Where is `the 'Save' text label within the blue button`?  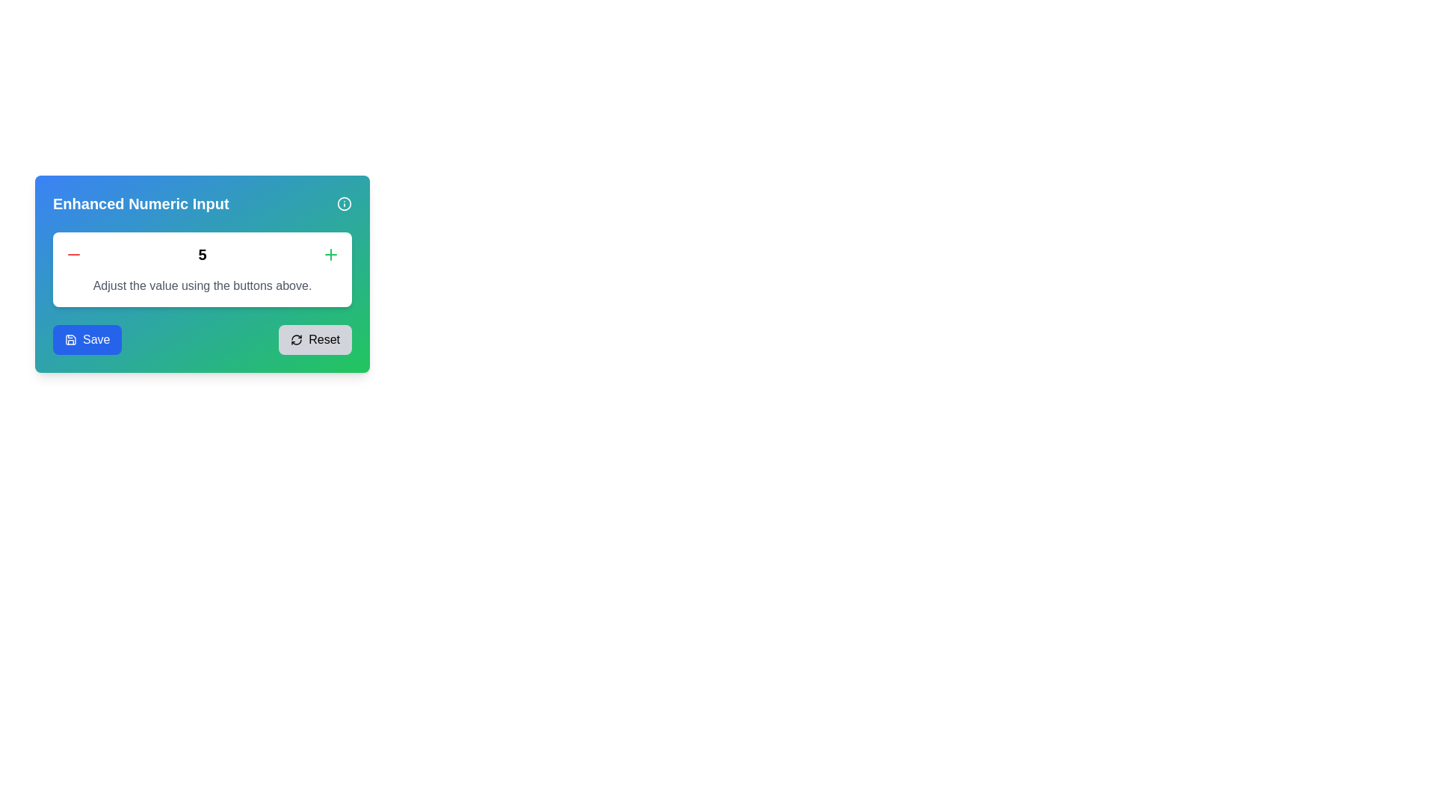 the 'Save' text label within the blue button is located at coordinates (96, 340).